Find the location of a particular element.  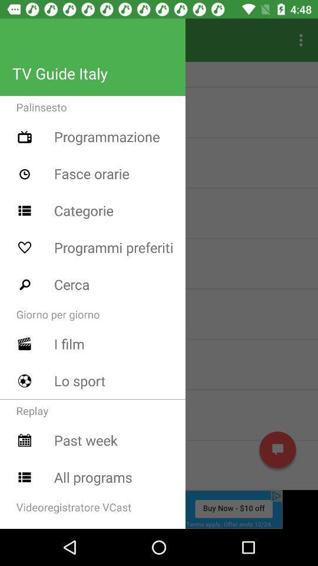

the icon left side of all programs is located at coordinates (25, 478).